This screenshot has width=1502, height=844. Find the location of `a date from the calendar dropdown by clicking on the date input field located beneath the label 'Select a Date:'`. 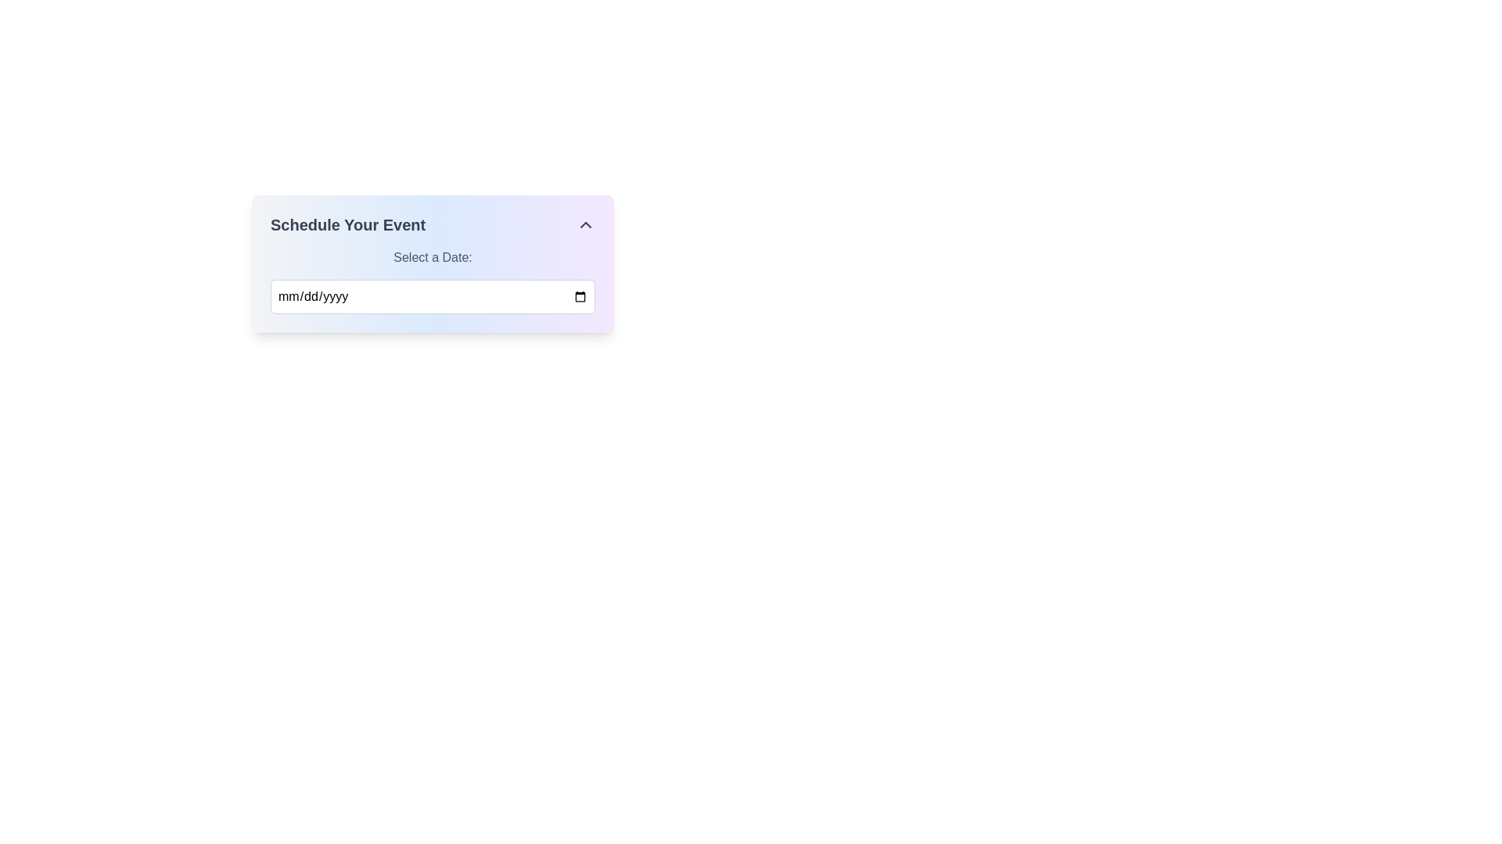

a date from the calendar dropdown by clicking on the date input field located beneath the label 'Select a Date:' is located at coordinates (433, 297).